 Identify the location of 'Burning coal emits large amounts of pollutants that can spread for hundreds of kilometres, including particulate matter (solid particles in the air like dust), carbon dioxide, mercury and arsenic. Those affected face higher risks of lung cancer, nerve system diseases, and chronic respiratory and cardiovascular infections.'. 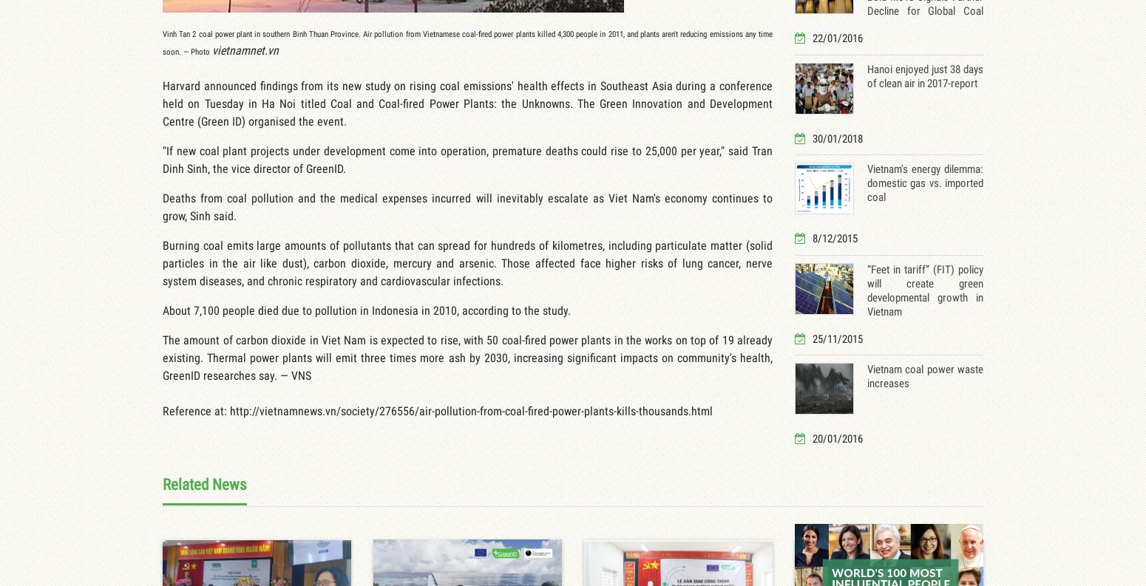
(467, 262).